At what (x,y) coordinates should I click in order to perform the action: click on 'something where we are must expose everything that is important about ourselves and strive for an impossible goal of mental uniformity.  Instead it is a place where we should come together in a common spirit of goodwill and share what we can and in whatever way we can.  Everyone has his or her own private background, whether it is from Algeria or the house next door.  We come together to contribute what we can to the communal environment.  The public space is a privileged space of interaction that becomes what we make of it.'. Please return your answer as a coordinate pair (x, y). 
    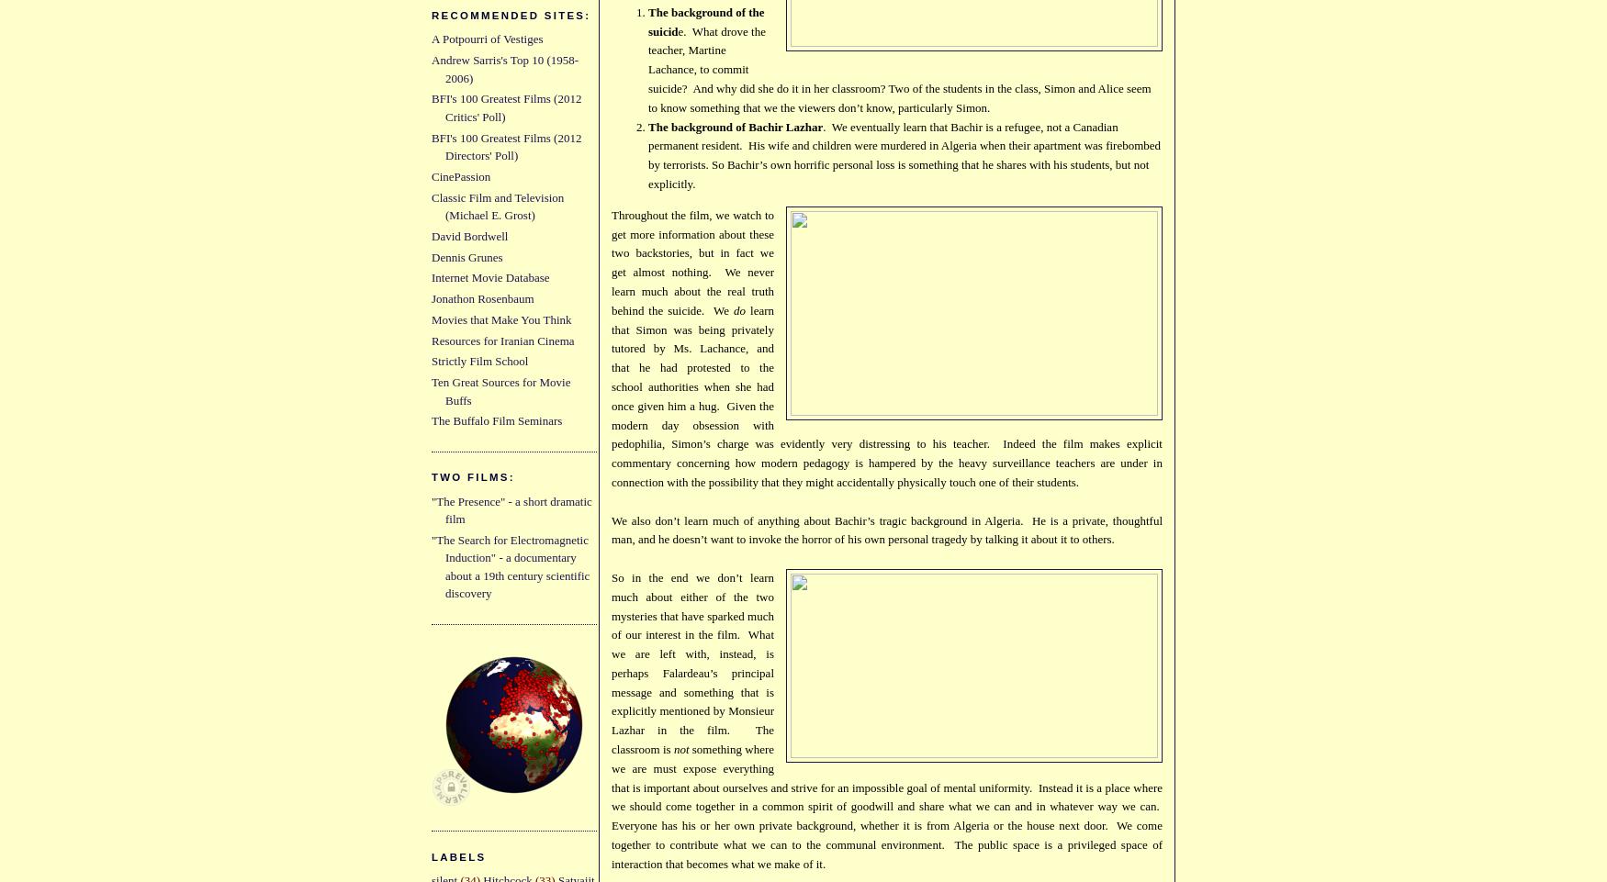
    Looking at the image, I should click on (887, 805).